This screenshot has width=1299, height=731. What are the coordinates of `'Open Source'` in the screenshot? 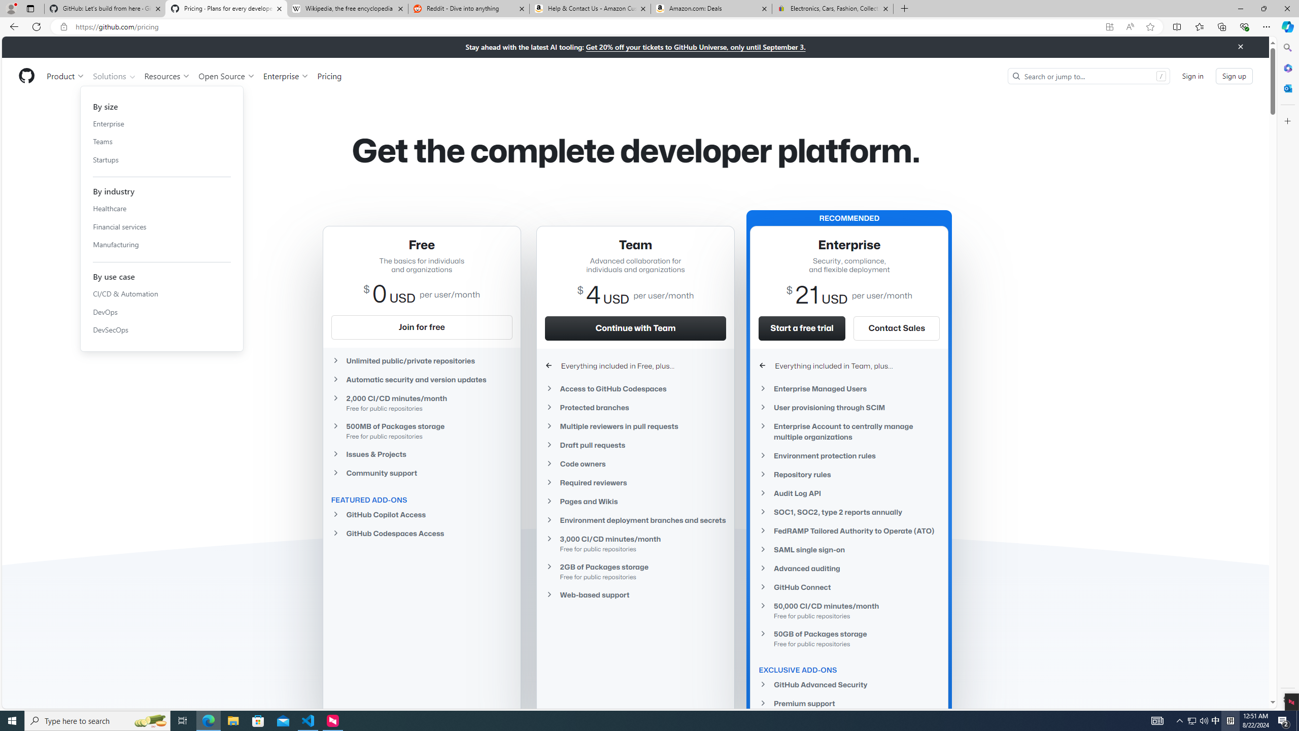 It's located at (227, 76).